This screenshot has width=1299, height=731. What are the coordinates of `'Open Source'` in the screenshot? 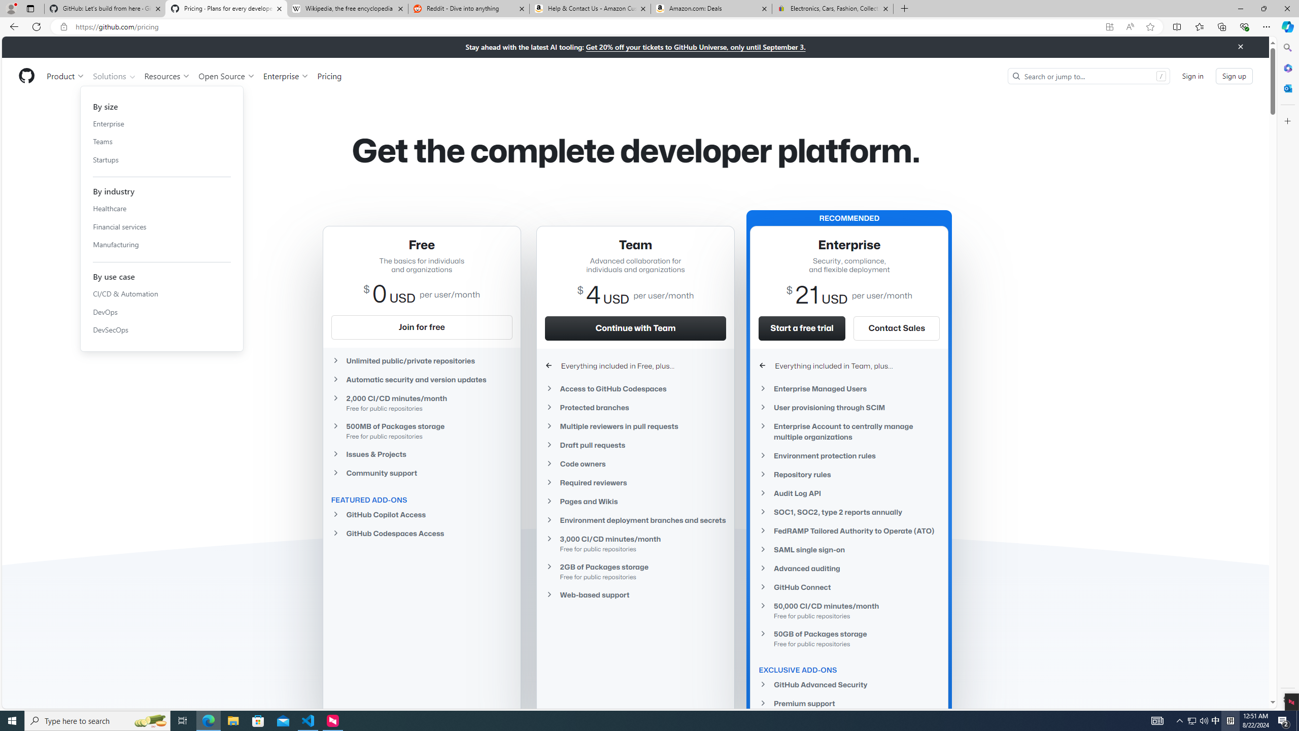 It's located at (227, 76).